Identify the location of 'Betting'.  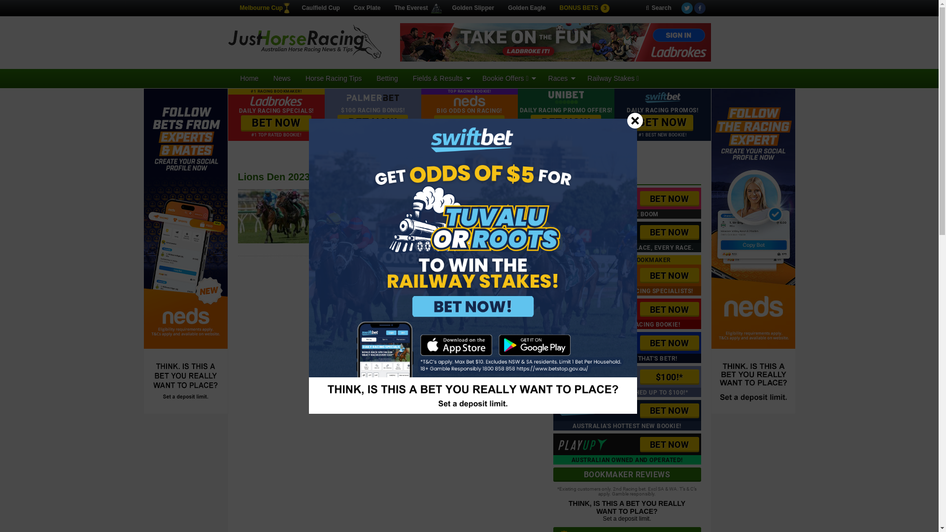
(387, 77).